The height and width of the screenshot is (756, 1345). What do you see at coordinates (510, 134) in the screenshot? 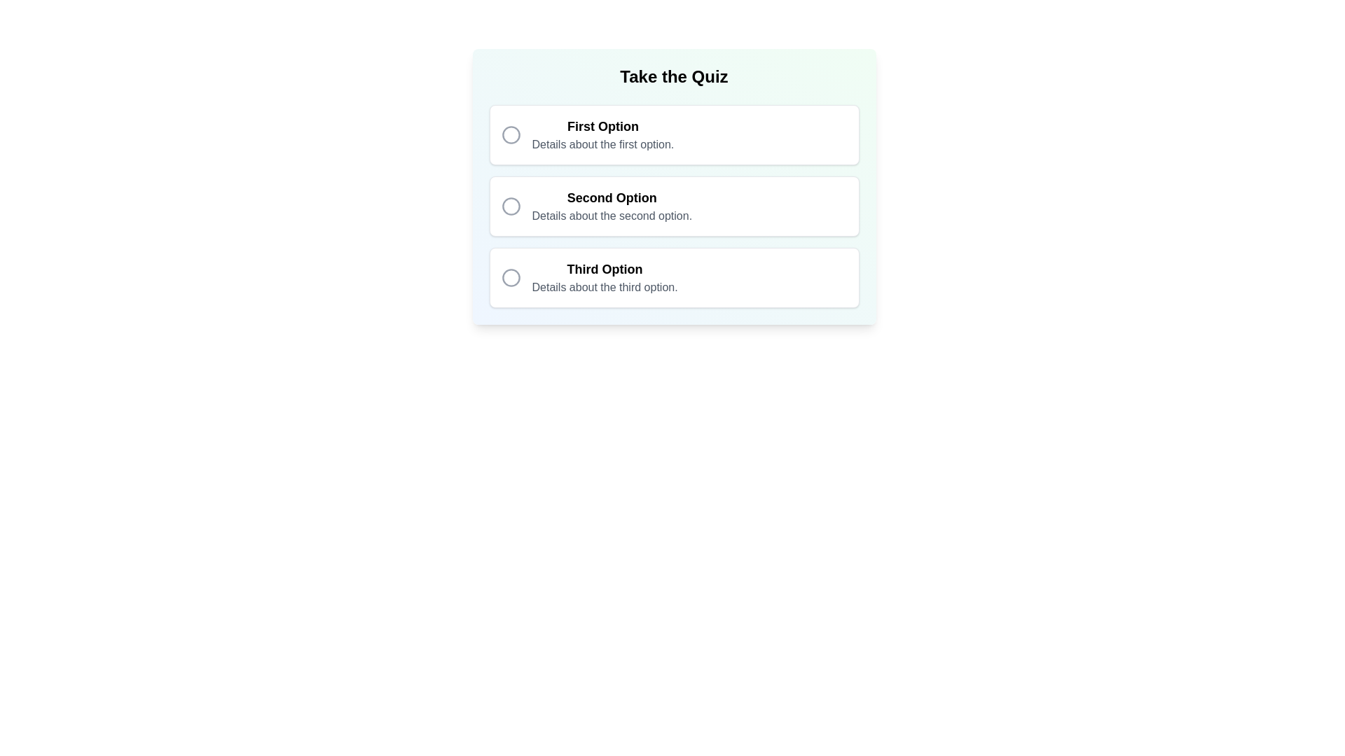
I see `the circular outline icon located to the left of the 'First Option' text in the option list` at bounding box center [510, 134].